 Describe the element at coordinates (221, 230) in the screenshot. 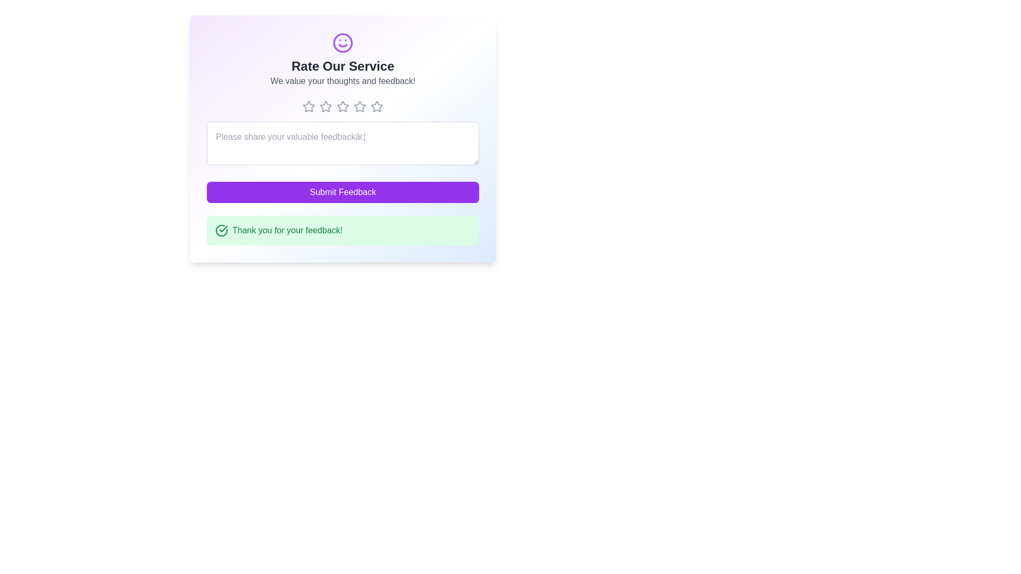

I see `the green stroke circular segment within the checkmark SVG icon located in the lower-left quadrant of the icon adjacent to the 'Thank you for your feedback!' text` at that location.